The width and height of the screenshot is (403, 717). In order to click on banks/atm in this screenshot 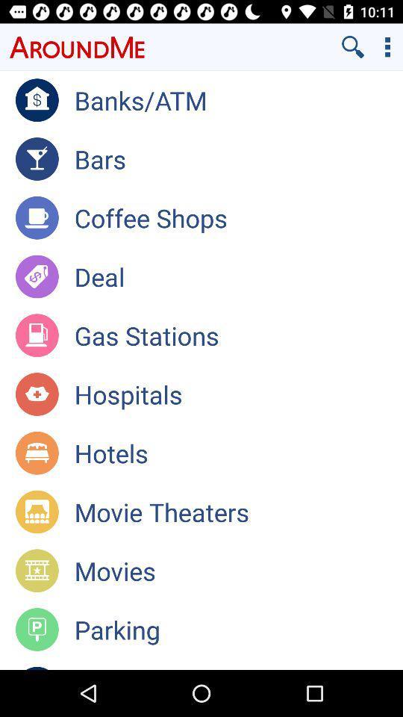, I will do `click(238, 99)`.